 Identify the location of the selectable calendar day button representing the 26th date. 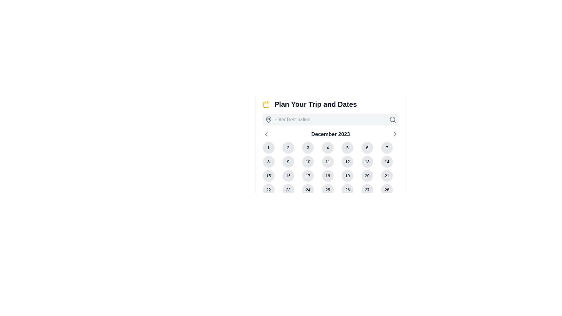
(347, 190).